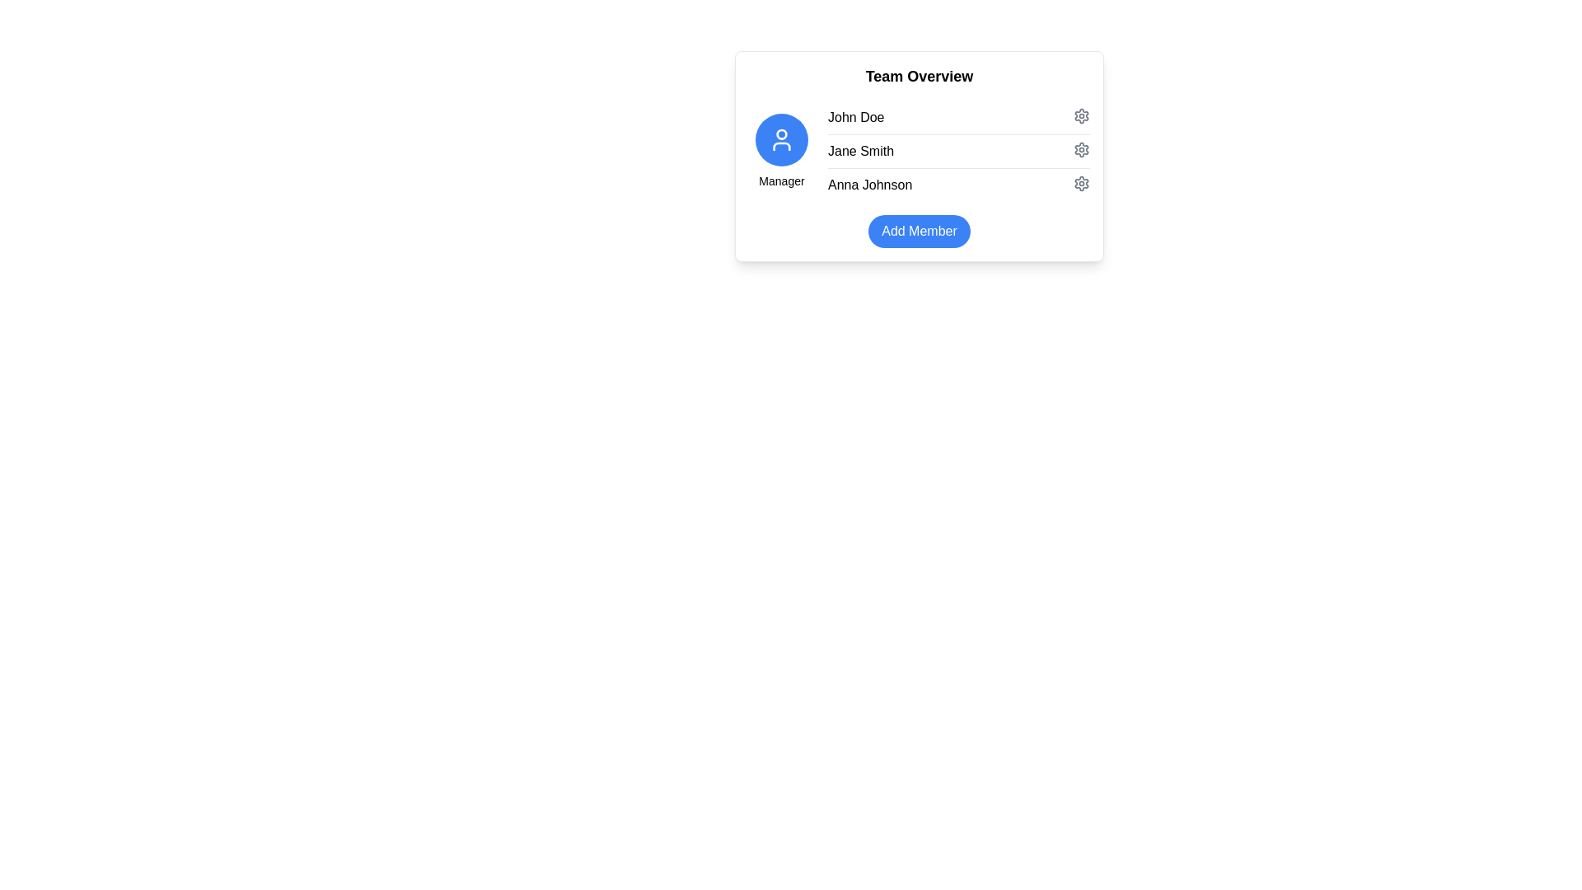 This screenshot has height=890, width=1582. What do you see at coordinates (919, 152) in the screenshot?
I see `the list item representing a team member's name located` at bounding box center [919, 152].